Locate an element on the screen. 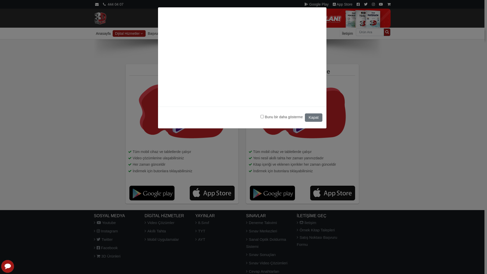  'TYT' is located at coordinates (200, 231).